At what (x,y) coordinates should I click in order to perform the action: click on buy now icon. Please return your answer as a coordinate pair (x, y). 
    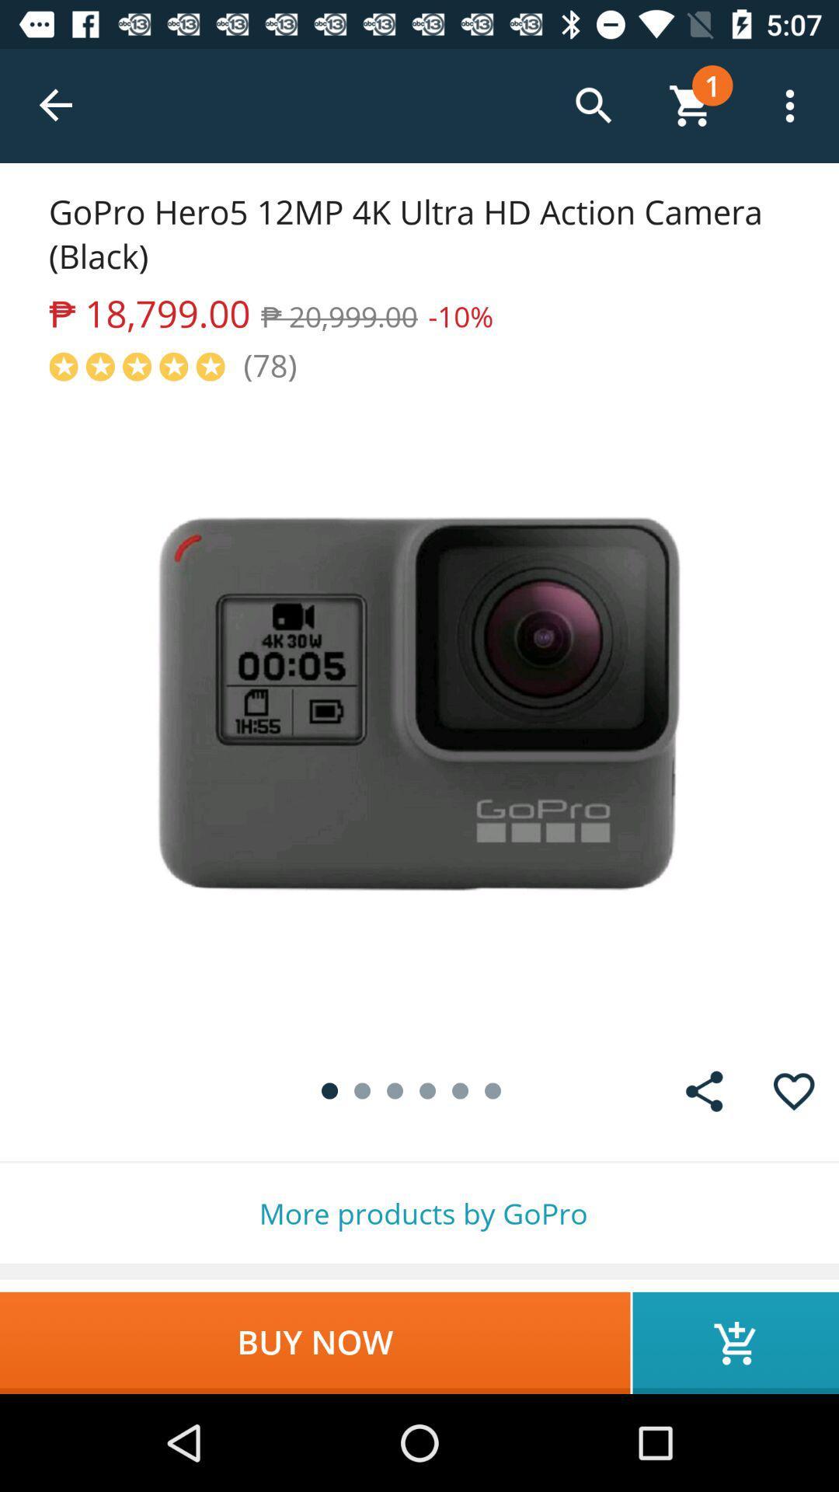
    Looking at the image, I should click on (315, 1342).